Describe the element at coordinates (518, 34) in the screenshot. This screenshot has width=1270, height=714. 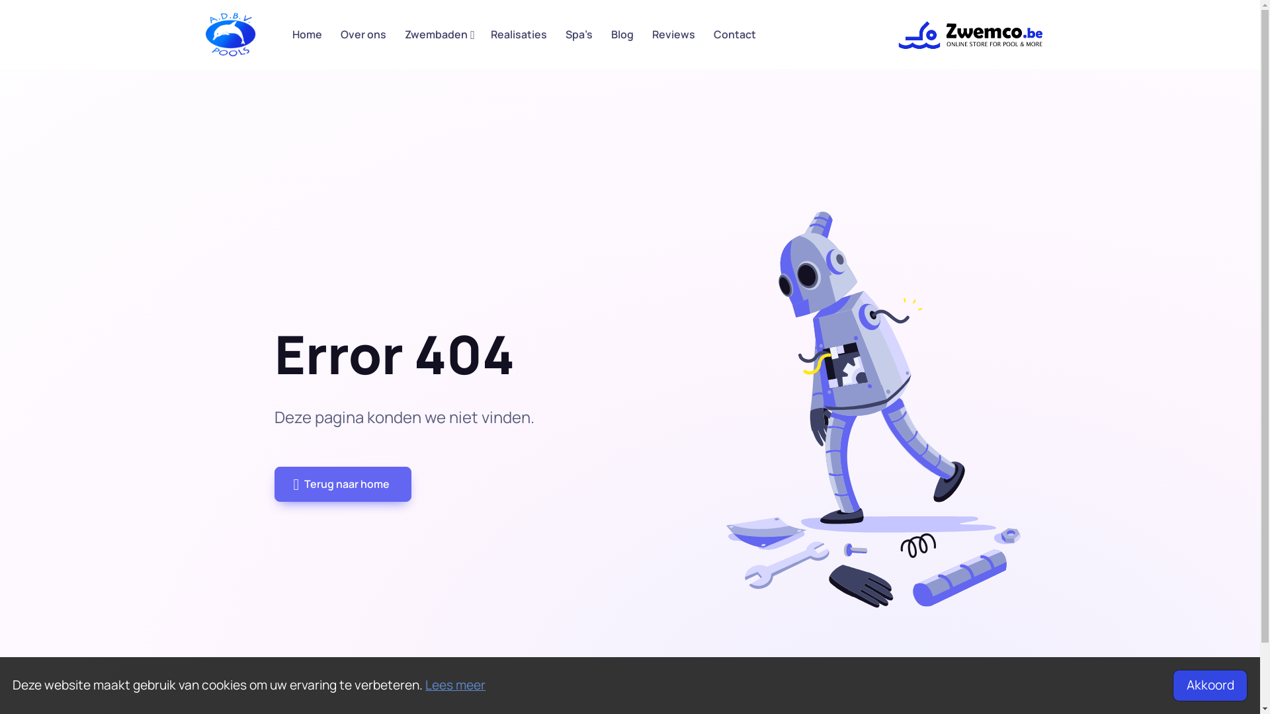
I see `'Realisaties'` at that location.